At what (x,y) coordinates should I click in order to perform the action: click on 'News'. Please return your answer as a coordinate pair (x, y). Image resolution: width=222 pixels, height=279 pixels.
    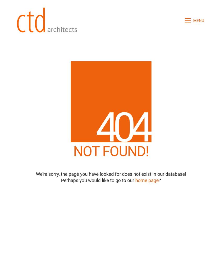
    Looking at the image, I should click on (108, 252).